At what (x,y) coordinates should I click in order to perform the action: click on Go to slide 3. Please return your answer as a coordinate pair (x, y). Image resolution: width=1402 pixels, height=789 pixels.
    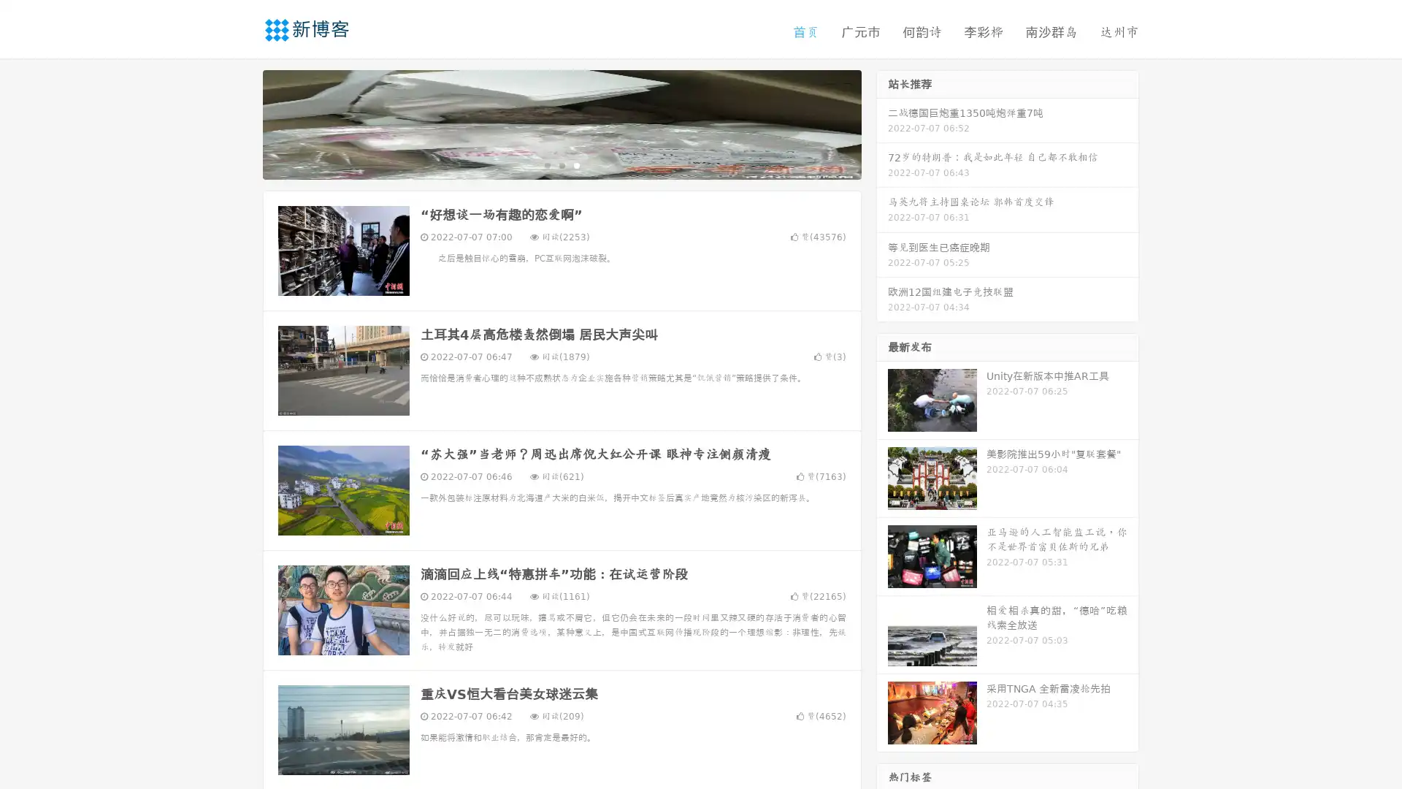
    Looking at the image, I should click on (576, 164).